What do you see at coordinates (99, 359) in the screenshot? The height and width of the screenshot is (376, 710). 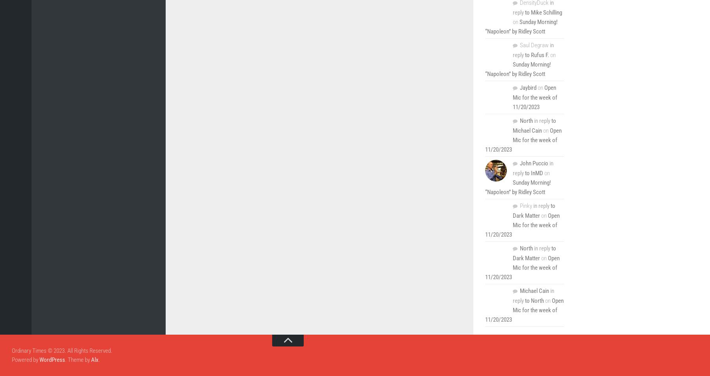 I see `'.'` at bounding box center [99, 359].